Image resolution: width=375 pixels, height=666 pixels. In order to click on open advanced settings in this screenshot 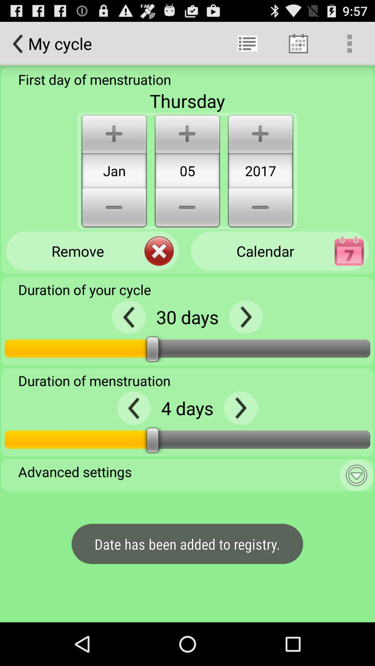, I will do `click(356, 475)`.